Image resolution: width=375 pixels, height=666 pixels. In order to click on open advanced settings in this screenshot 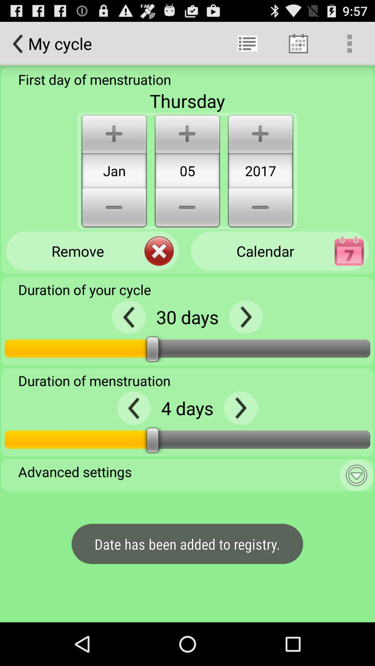, I will do `click(356, 475)`.